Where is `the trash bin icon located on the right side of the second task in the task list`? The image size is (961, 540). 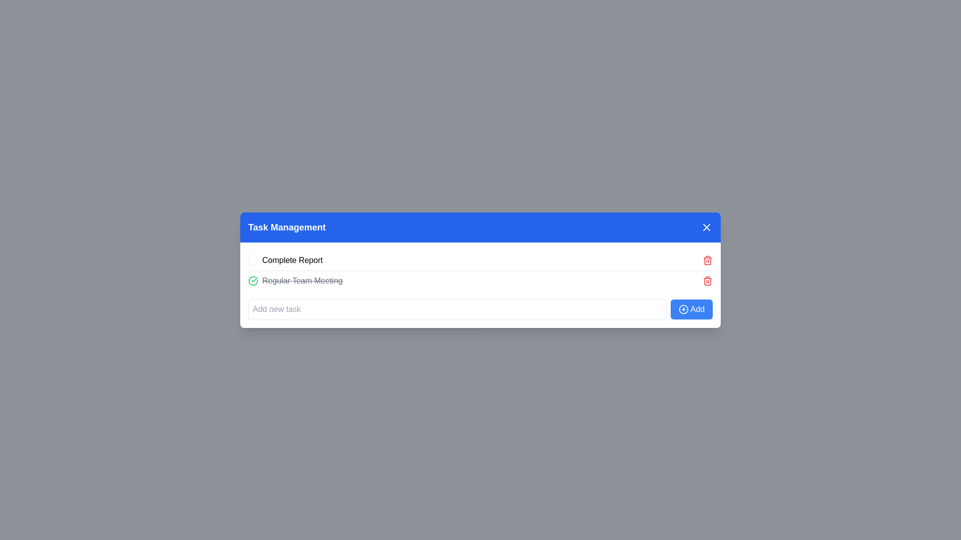 the trash bin icon located on the right side of the second task in the task list is located at coordinates (707, 260).